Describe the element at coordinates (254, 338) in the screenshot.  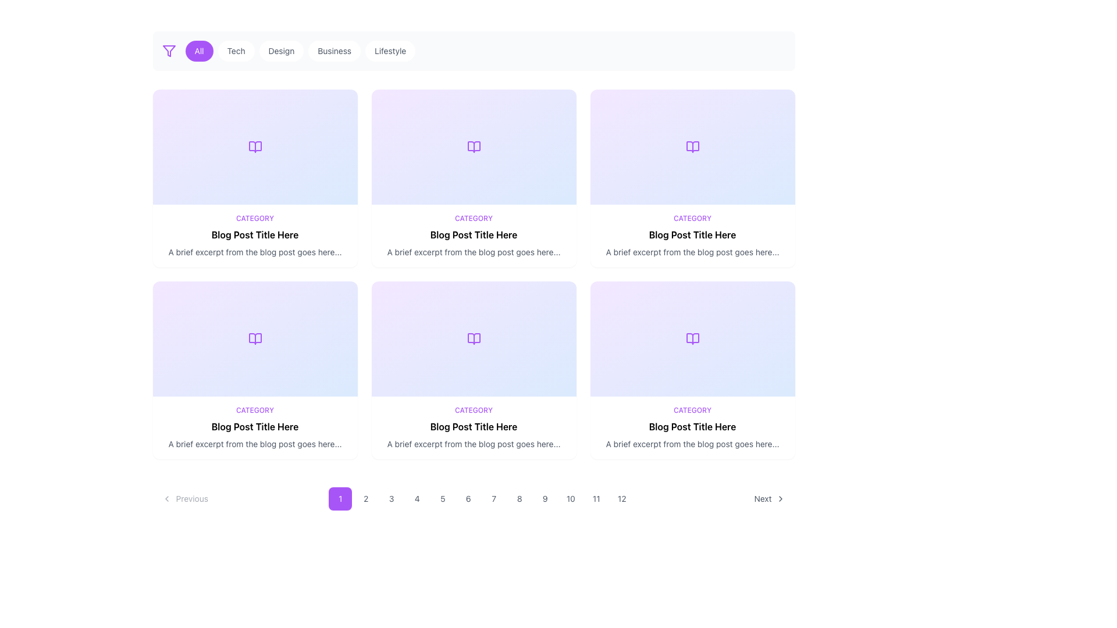
I see `the gradient style of the background visual with an open book icon, located in the upper section of the second card in the second row of a grid layout` at that location.